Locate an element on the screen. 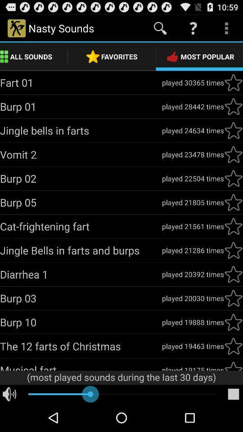 The width and height of the screenshot is (243, 432). favorites option is located at coordinates (233, 107).